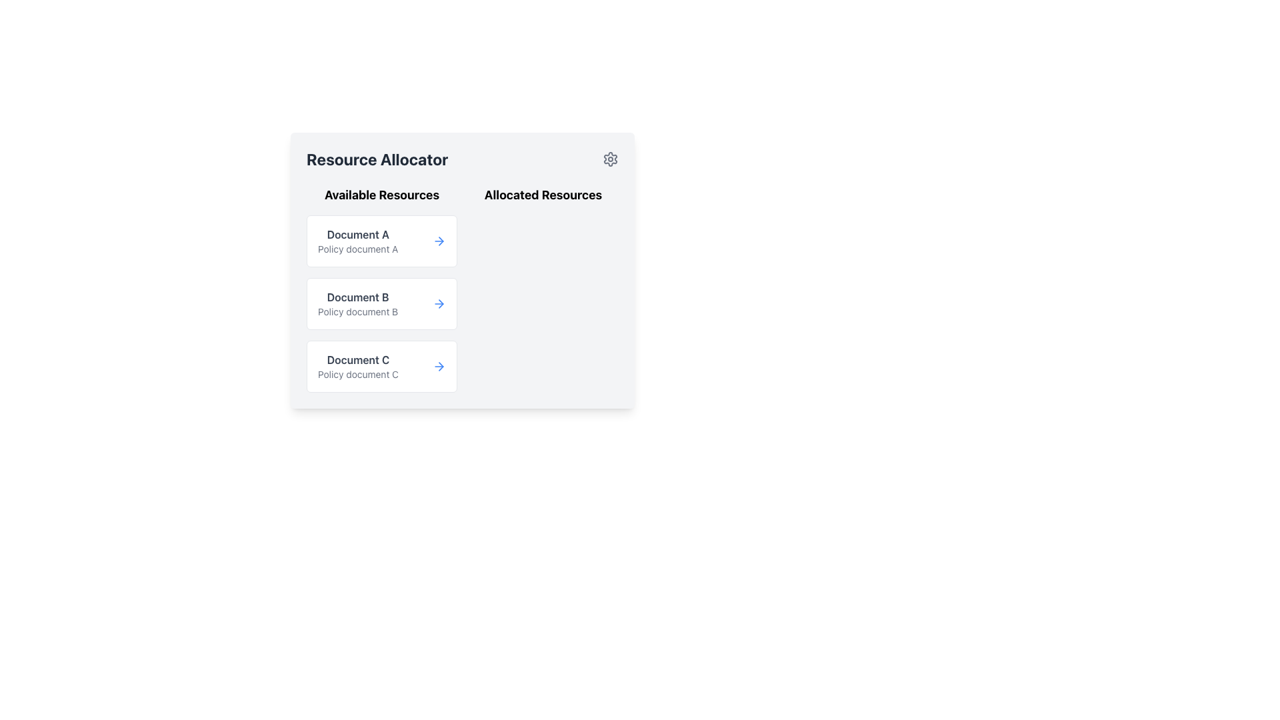 The height and width of the screenshot is (720, 1280). I want to click on the text label 'Document B' located in the middle of the 'Available Resources' section of the resource allocator interface, so click(358, 303).